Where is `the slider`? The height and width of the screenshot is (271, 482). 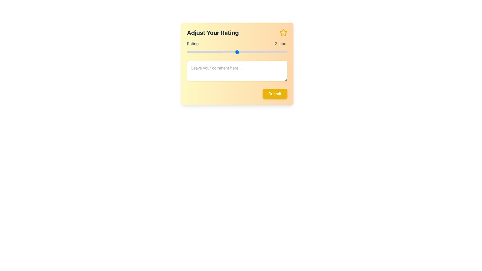
the slider is located at coordinates (212, 52).